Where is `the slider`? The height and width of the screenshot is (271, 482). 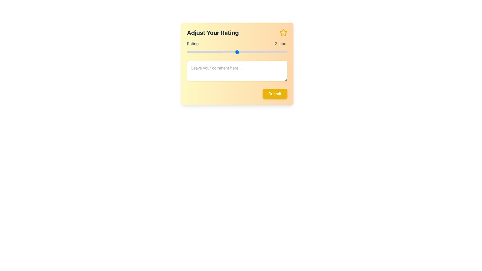
the slider is located at coordinates (212, 52).